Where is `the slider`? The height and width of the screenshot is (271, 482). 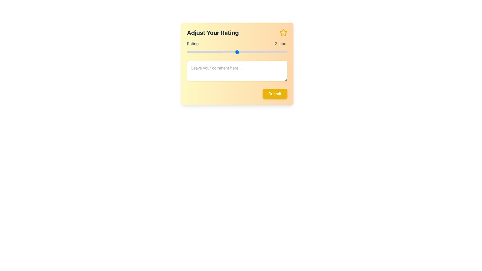
the slider is located at coordinates (212, 52).